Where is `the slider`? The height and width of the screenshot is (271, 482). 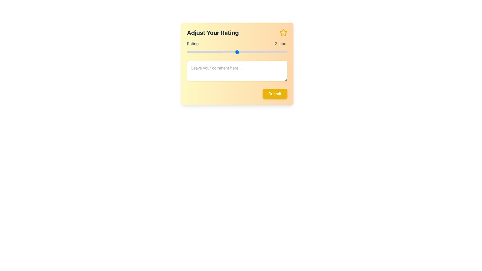
the slider is located at coordinates (212, 52).